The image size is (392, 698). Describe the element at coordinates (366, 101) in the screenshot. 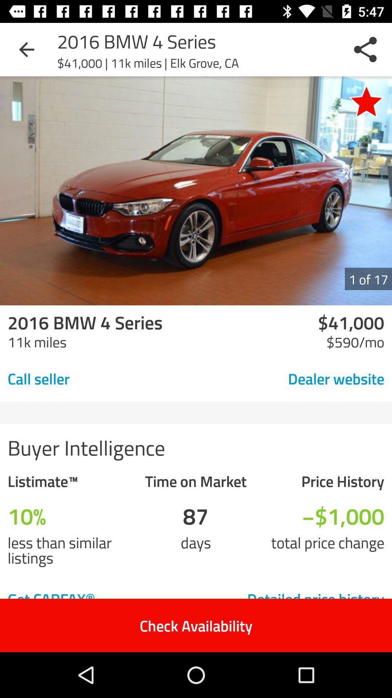

I see `the item next to 41 000 11k icon` at that location.